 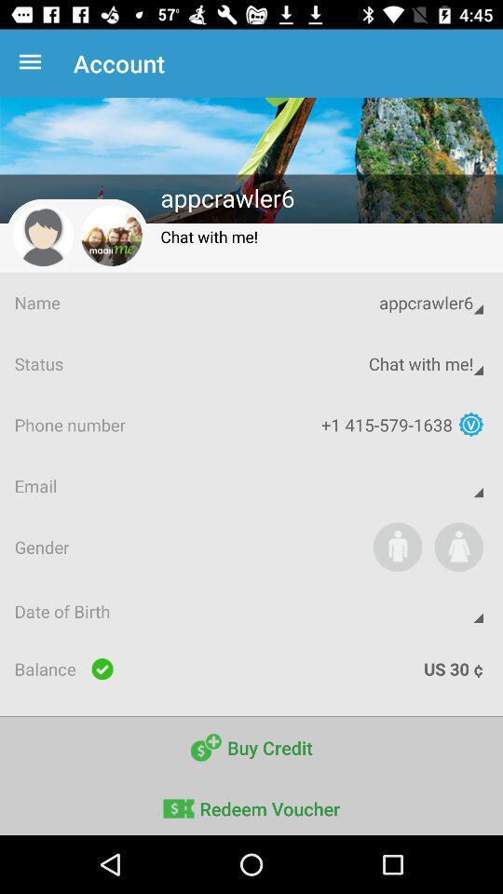 I want to click on redeem voucher item, so click(x=251, y=806).